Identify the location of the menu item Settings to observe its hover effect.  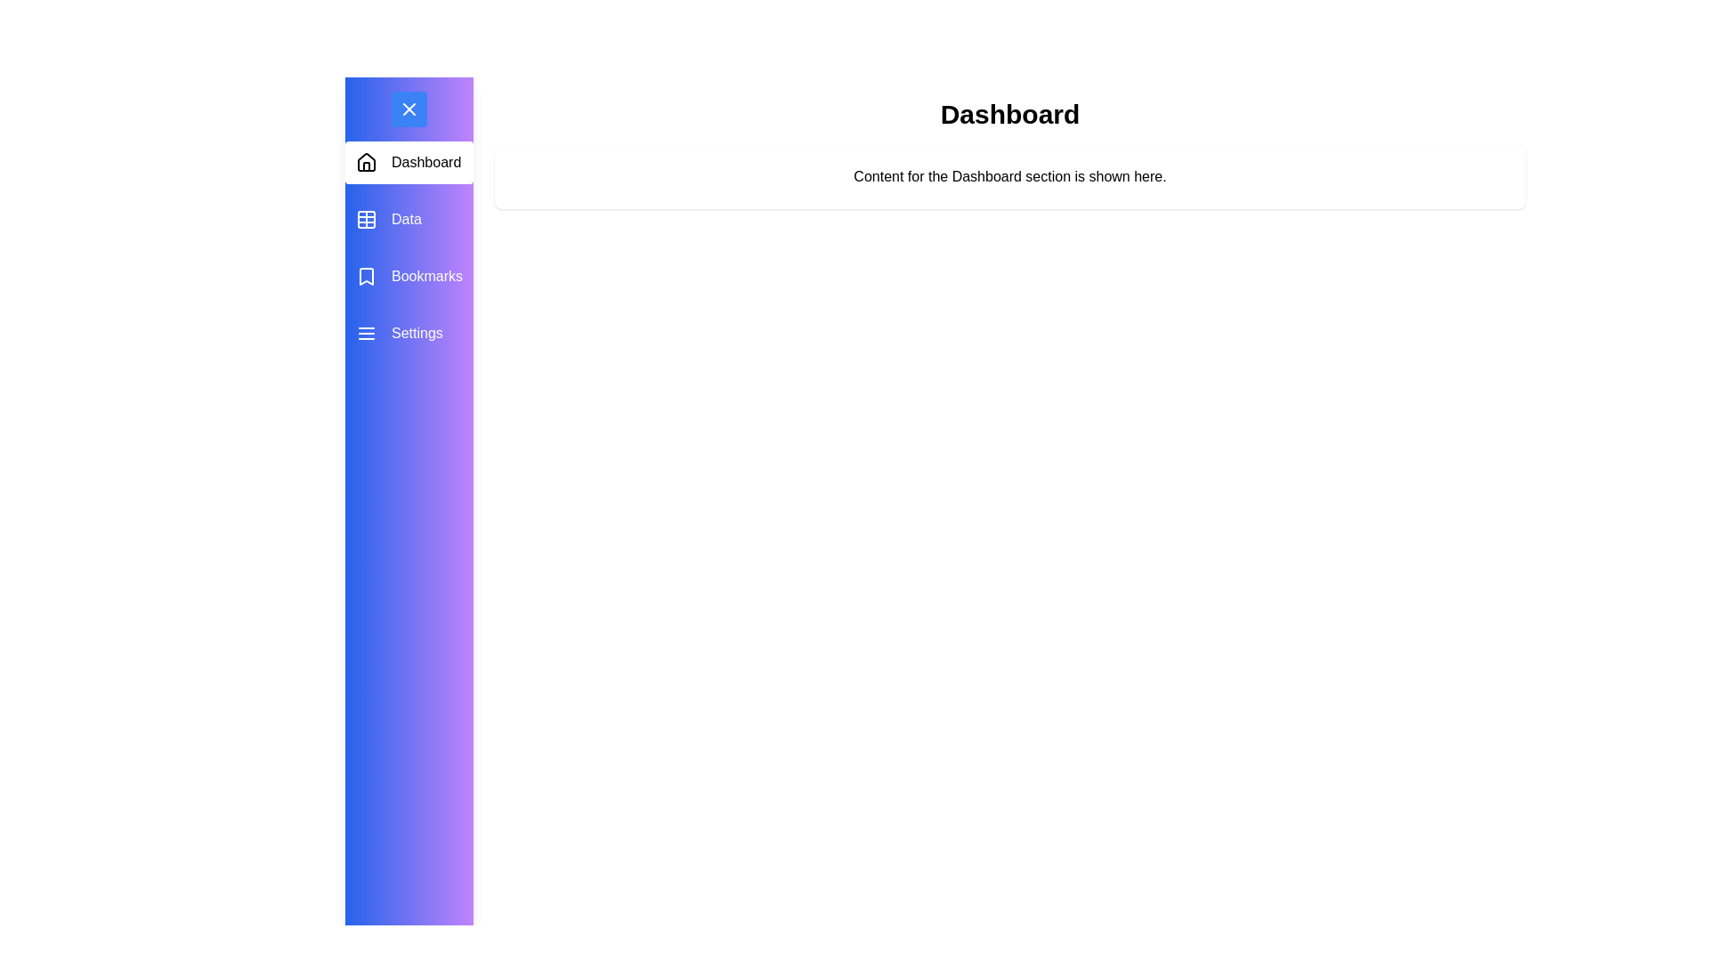
(409, 333).